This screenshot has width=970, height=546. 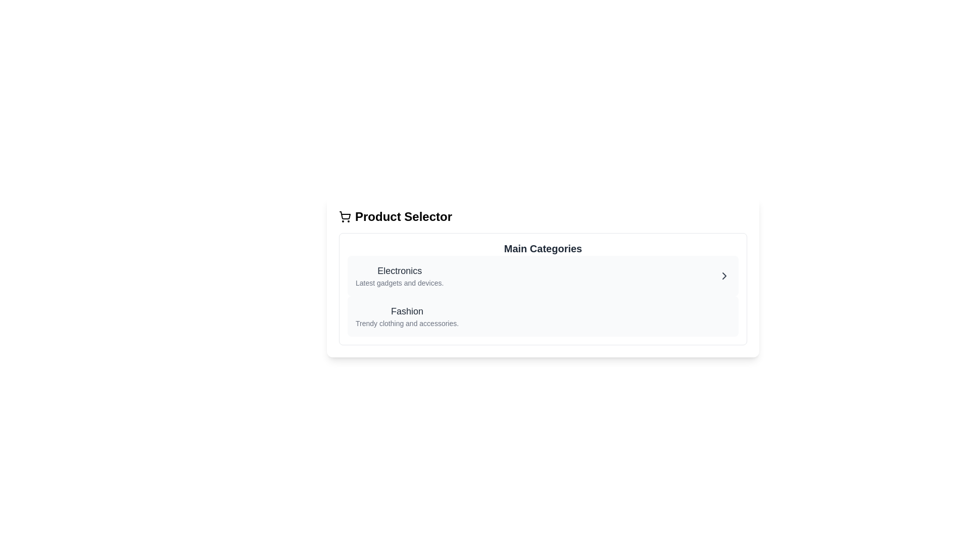 What do you see at coordinates (543, 315) in the screenshot?
I see `the 'Fashion' category selector button, which is the second item in the 'Main Categories' section` at bounding box center [543, 315].